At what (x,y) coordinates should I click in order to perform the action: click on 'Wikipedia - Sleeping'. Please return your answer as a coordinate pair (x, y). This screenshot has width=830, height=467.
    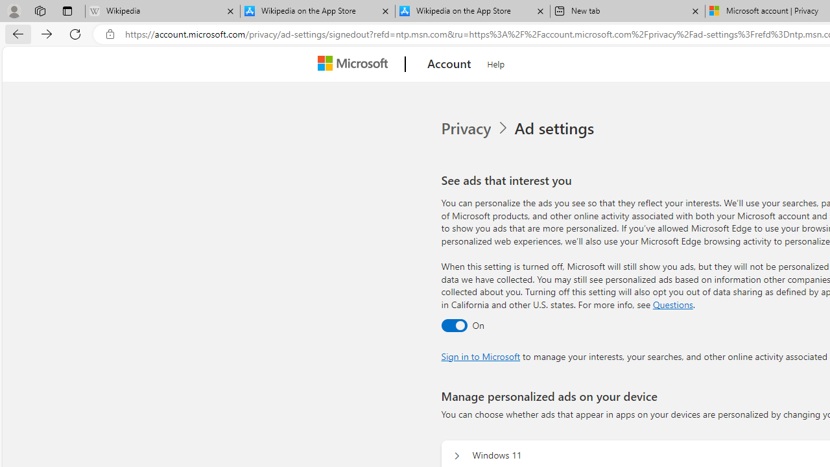
    Looking at the image, I should click on (161, 11).